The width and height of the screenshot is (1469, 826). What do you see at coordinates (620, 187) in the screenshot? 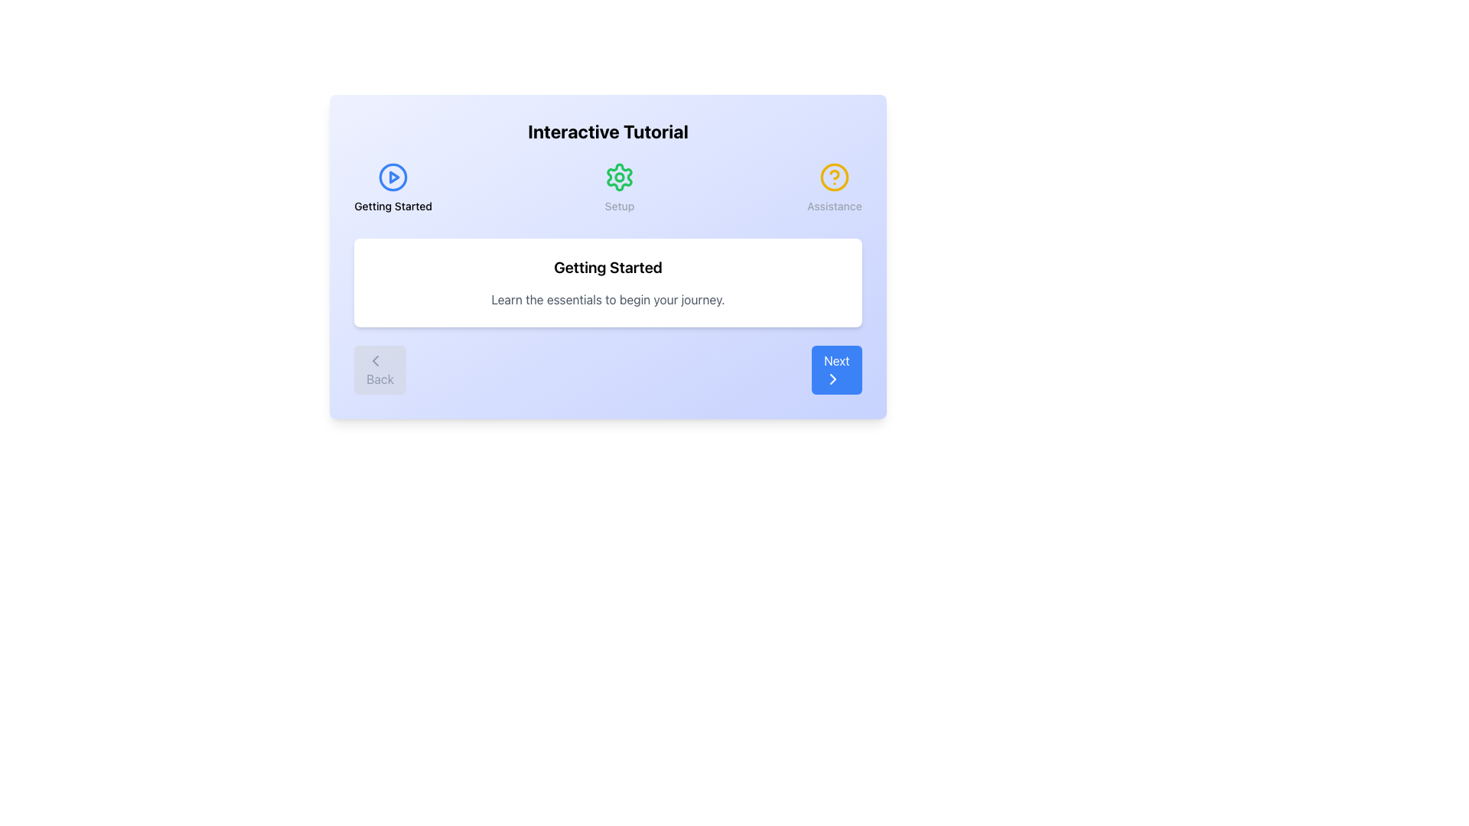
I see `the green gear icon labeled 'Setup', which is positioned in the middle section of the layout, indicating settings` at bounding box center [620, 187].